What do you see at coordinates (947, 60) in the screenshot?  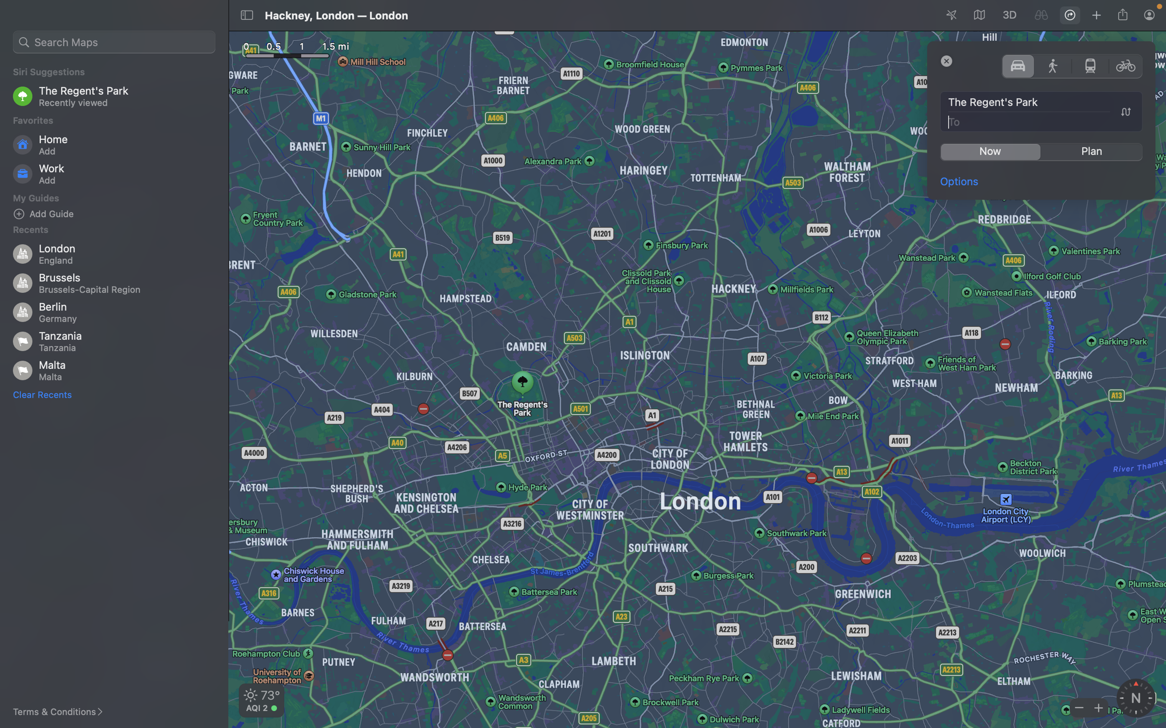 I see `Terminate the directions pop-up window` at bounding box center [947, 60].